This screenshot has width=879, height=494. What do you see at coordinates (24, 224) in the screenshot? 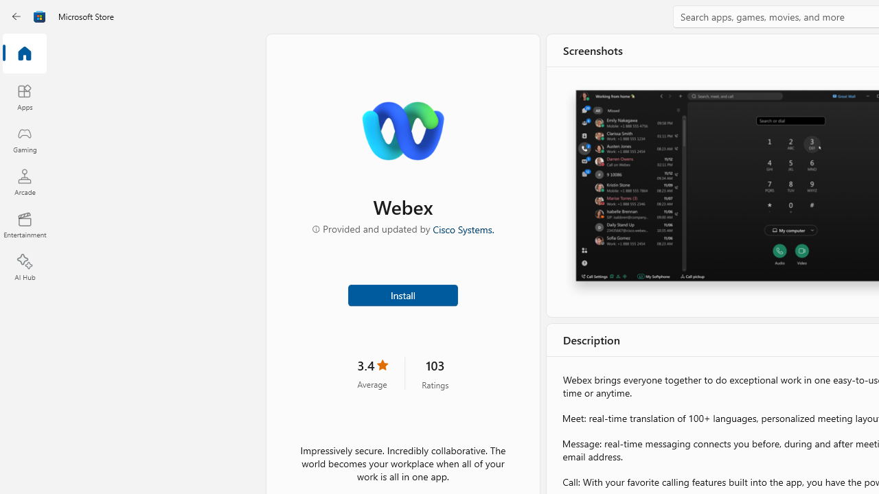
I see `'Entertainment'` at bounding box center [24, 224].